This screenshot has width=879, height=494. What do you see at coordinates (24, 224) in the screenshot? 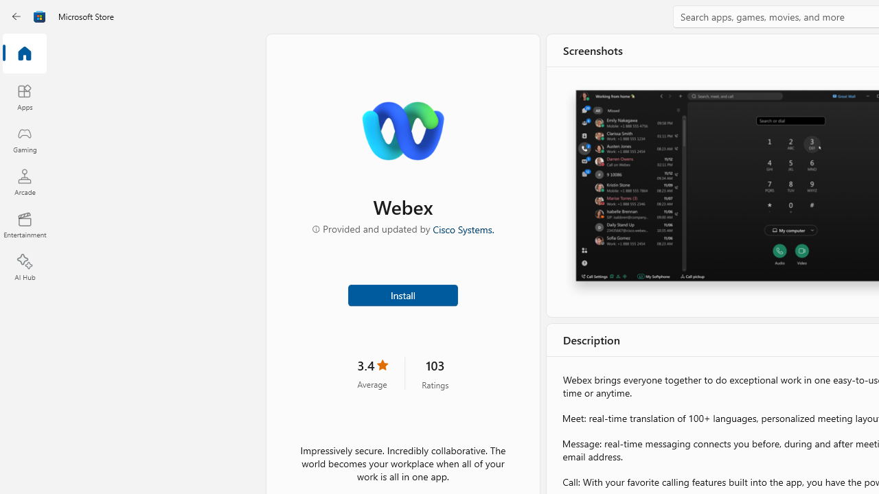
I see `'Entertainment'` at bounding box center [24, 224].